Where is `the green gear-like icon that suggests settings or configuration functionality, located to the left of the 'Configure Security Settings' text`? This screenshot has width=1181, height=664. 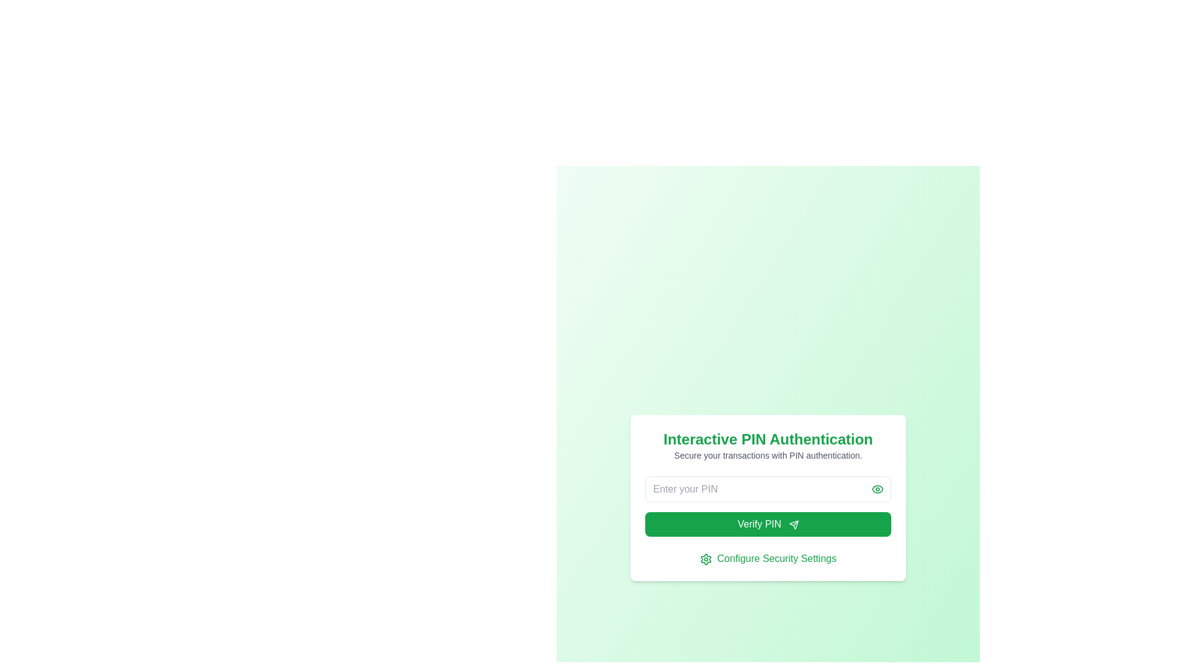 the green gear-like icon that suggests settings or configuration functionality, located to the left of the 'Configure Security Settings' text is located at coordinates (706, 559).